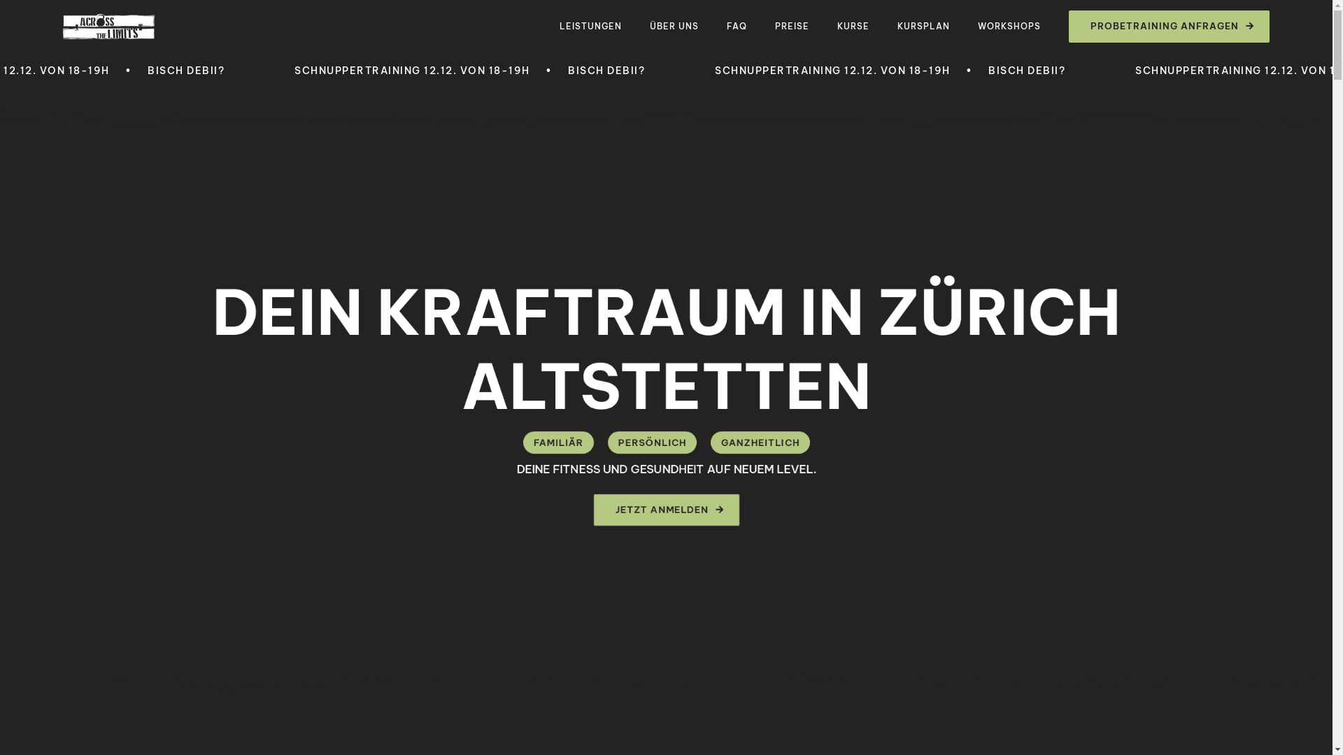 Image resolution: width=1343 pixels, height=755 pixels. What do you see at coordinates (866, 27) in the screenshot?
I see `'KURSE'` at bounding box center [866, 27].